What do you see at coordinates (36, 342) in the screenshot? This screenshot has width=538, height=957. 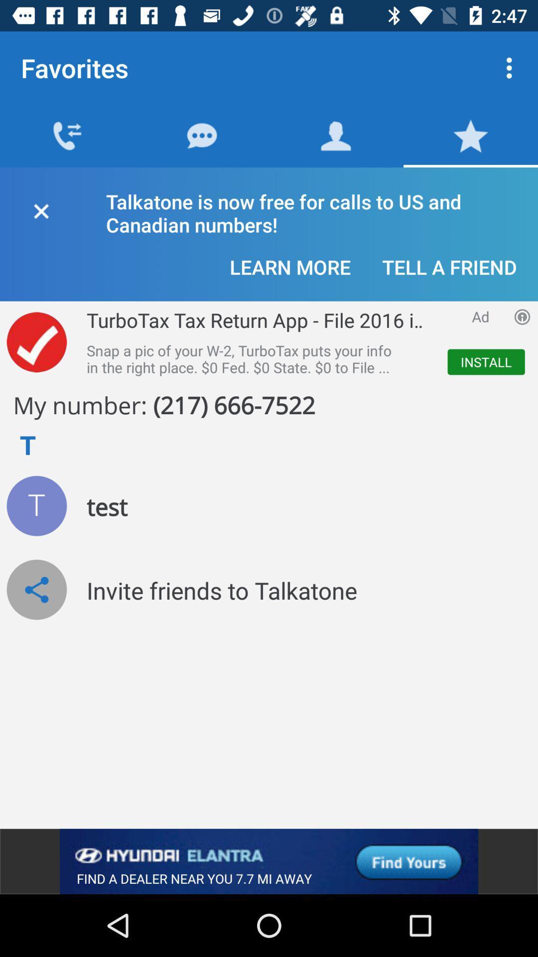 I see `advertisement` at bounding box center [36, 342].